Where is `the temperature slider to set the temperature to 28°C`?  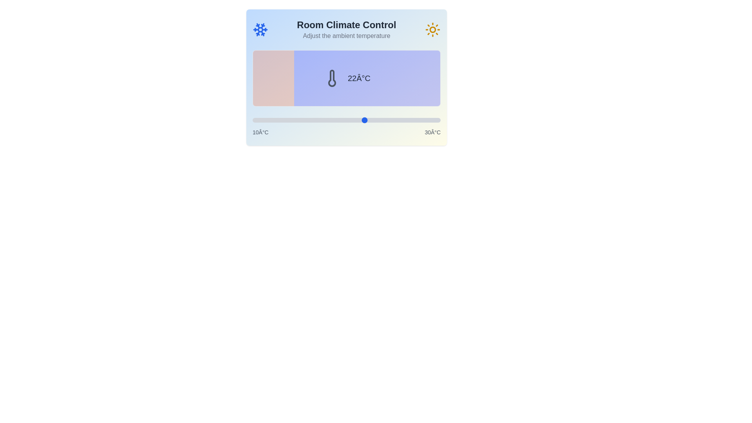
the temperature slider to set the temperature to 28°C is located at coordinates (421, 120).